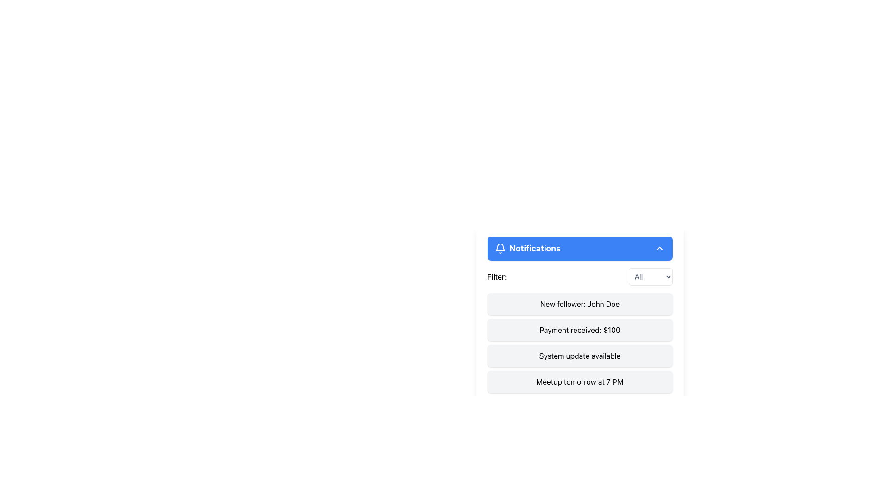  Describe the element at coordinates (659, 248) in the screenshot. I see `the upward-facing chevron icon button in the Notifications section header, which is blue with a white chevron, located to the right of the 'Notifications' title` at that location.